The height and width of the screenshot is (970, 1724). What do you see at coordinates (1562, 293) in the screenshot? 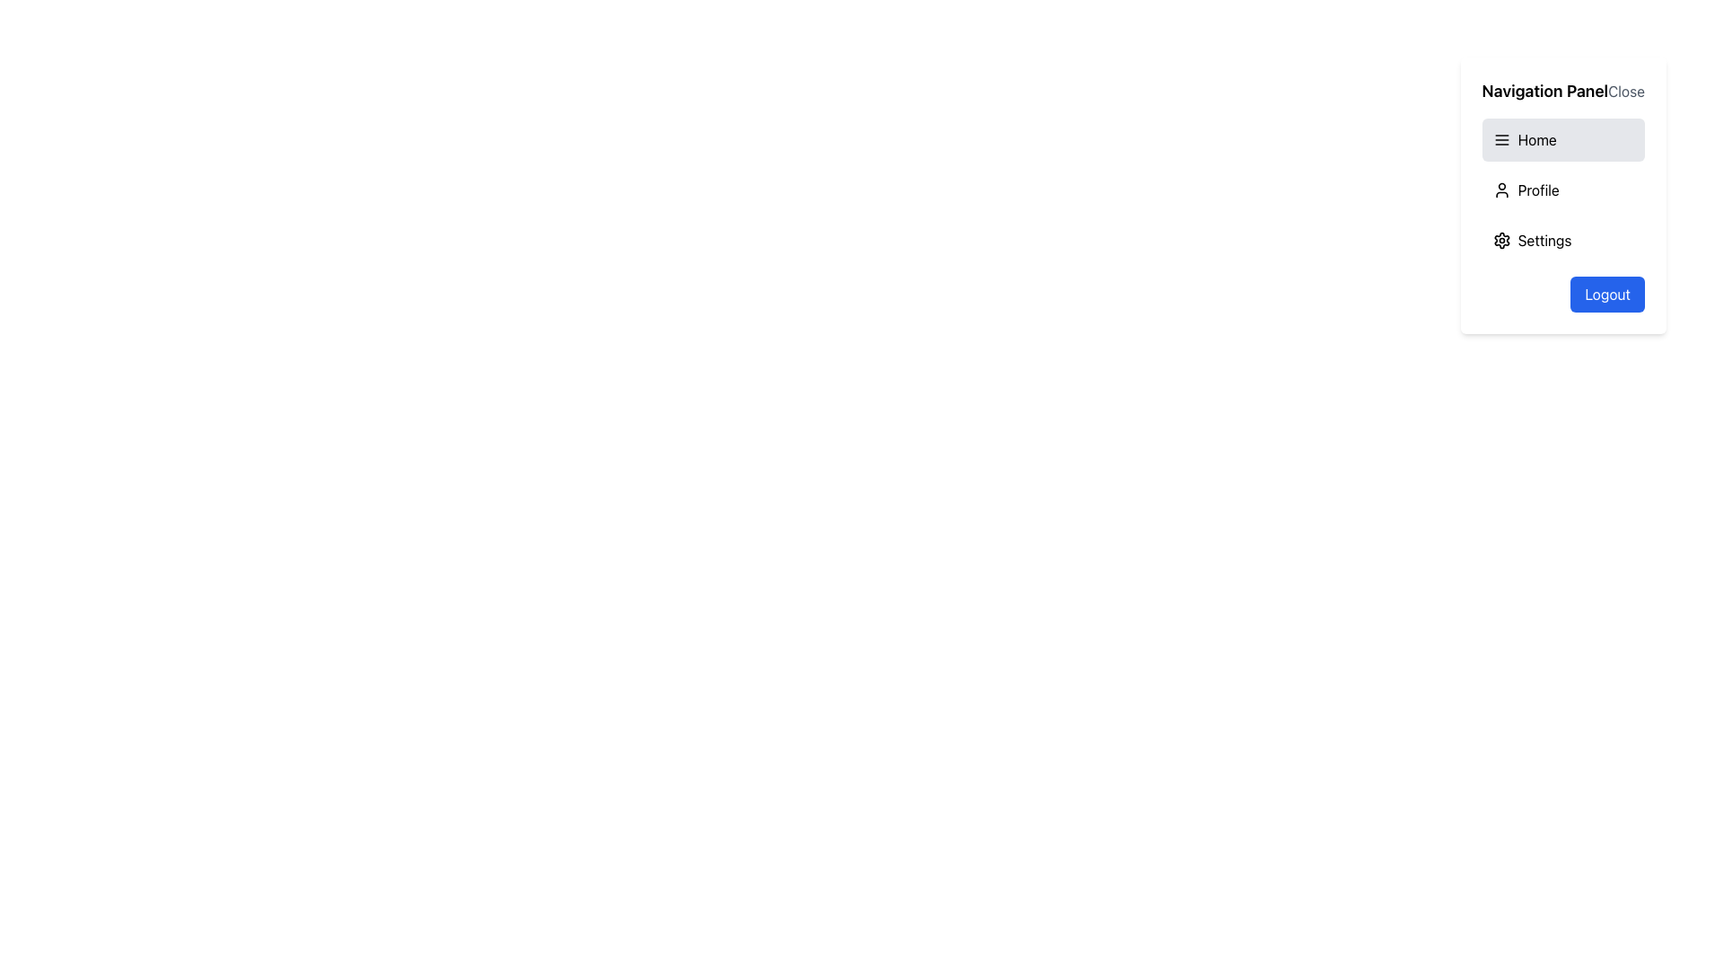
I see `the logout button located at the bottom-right corner of the sidebar` at bounding box center [1562, 293].